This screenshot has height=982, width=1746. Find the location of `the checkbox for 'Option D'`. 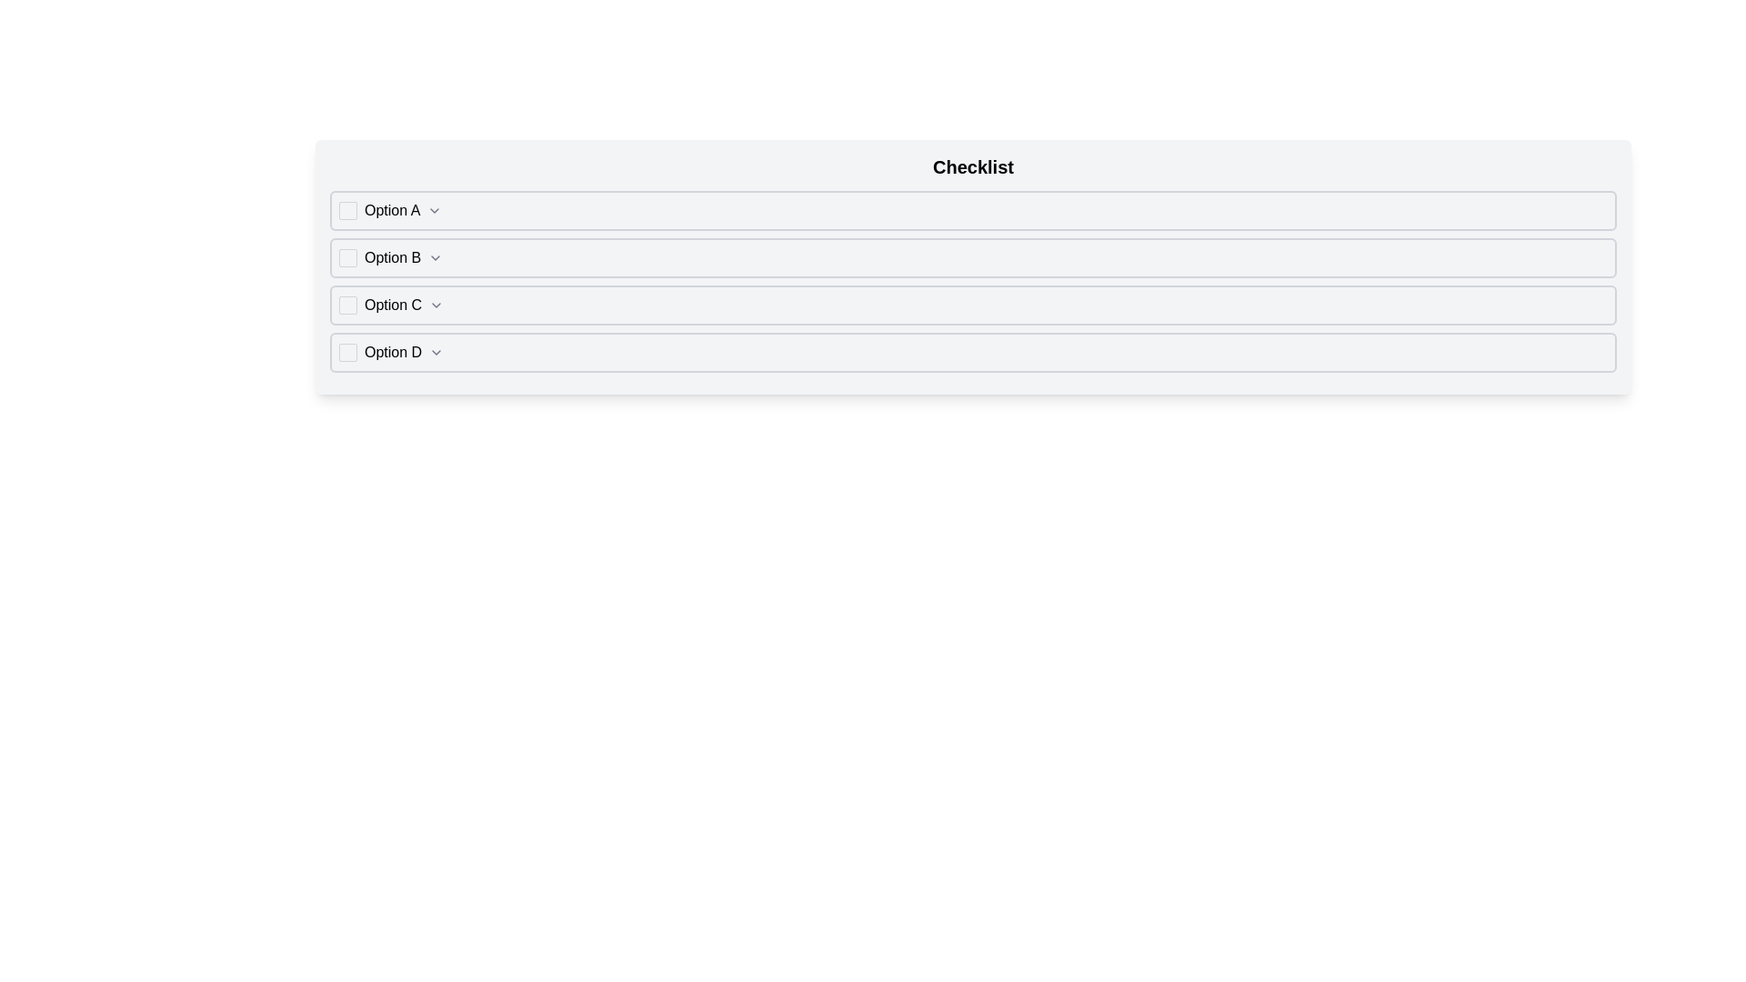

the checkbox for 'Option D' is located at coordinates (348, 353).